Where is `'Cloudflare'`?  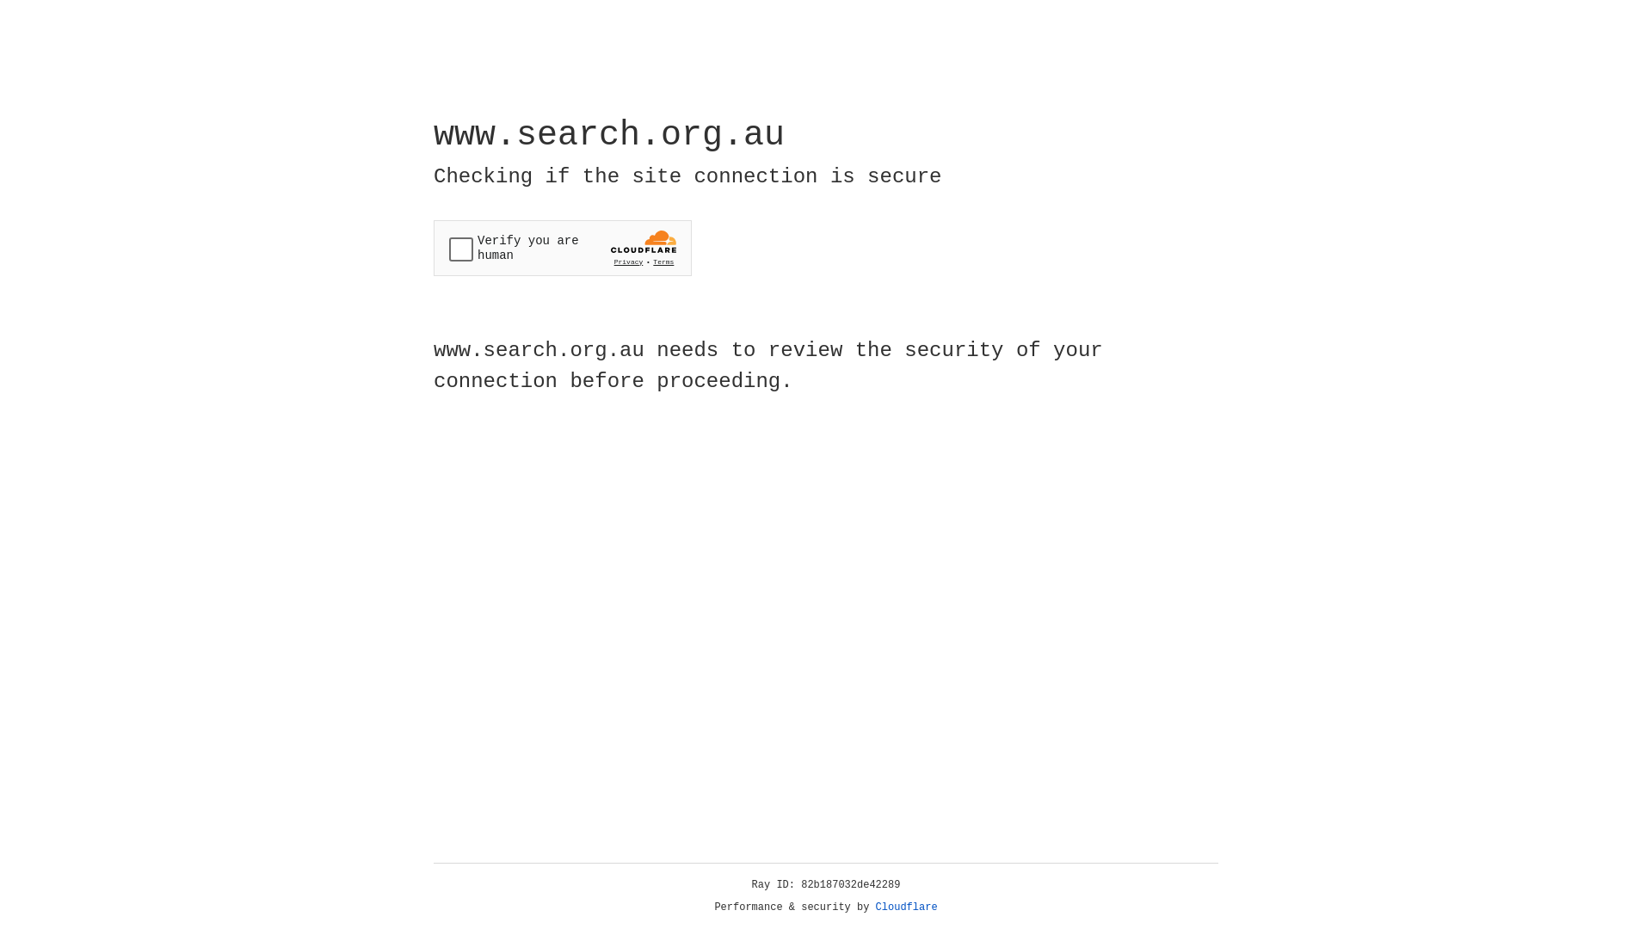 'Cloudflare' is located at coordinates (906, 907).